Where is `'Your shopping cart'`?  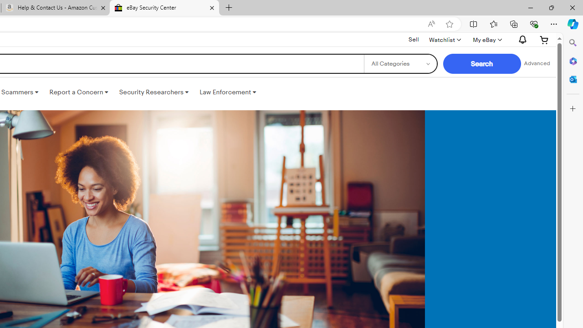
'Your shopping cart' is located at coordinates (544, 39).